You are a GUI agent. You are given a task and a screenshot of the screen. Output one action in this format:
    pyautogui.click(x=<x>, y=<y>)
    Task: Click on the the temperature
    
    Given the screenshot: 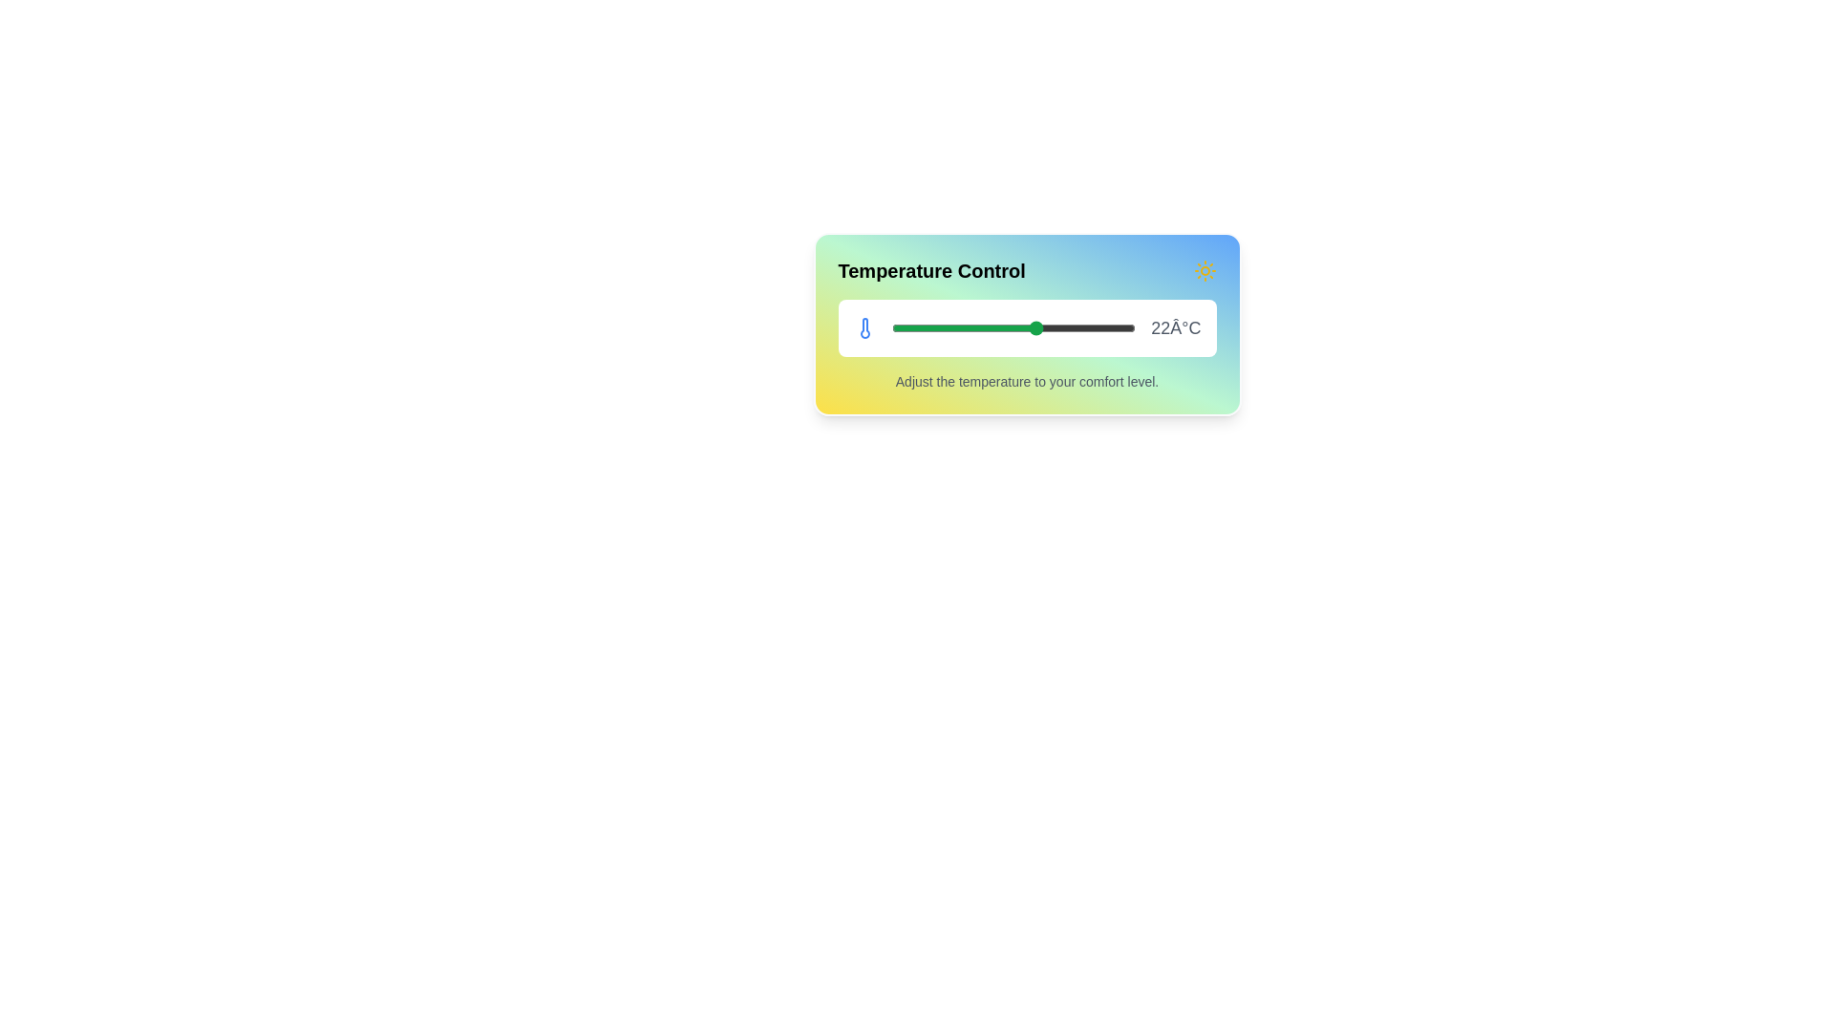 What is the action you would take?
    pyautogui.click(x=1061, y=323)
    